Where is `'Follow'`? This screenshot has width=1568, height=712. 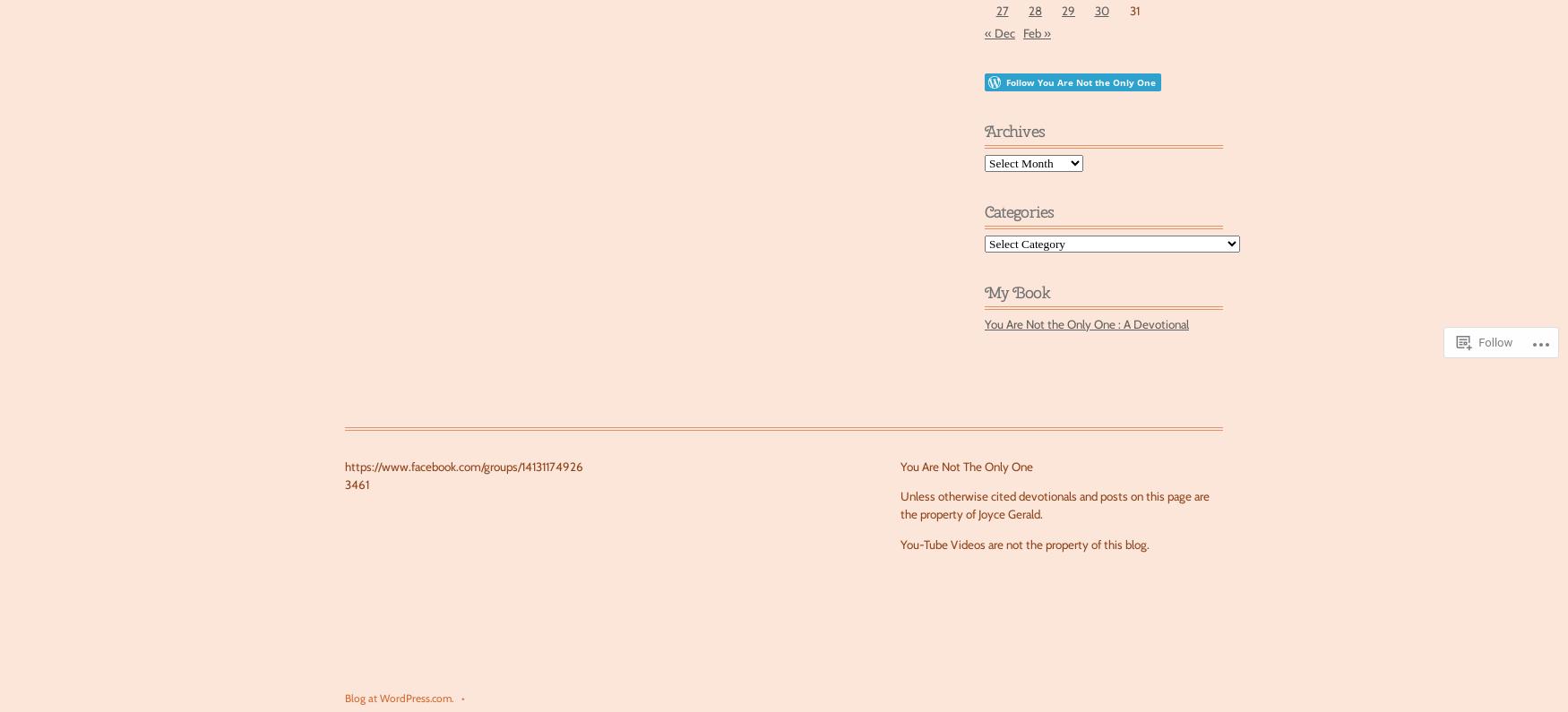 'Follow' is located at coordinates (1494, 341).